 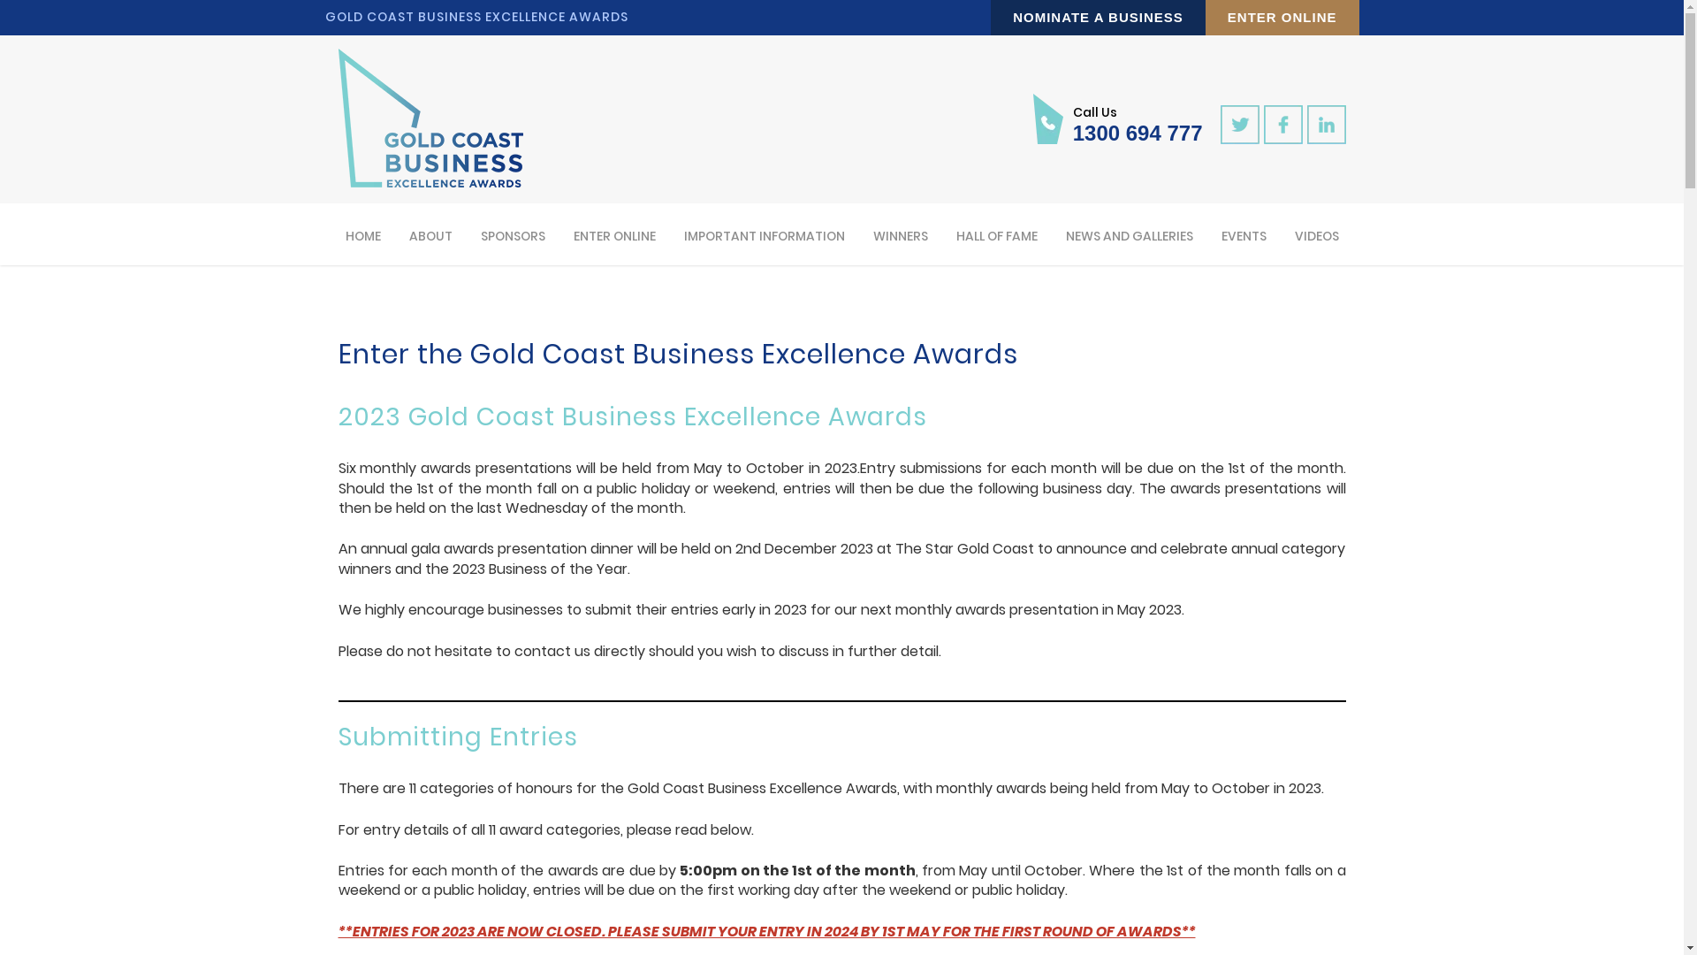 I want to click on 'IMPORTANT INFORMATION', so click(x=681, y=233).